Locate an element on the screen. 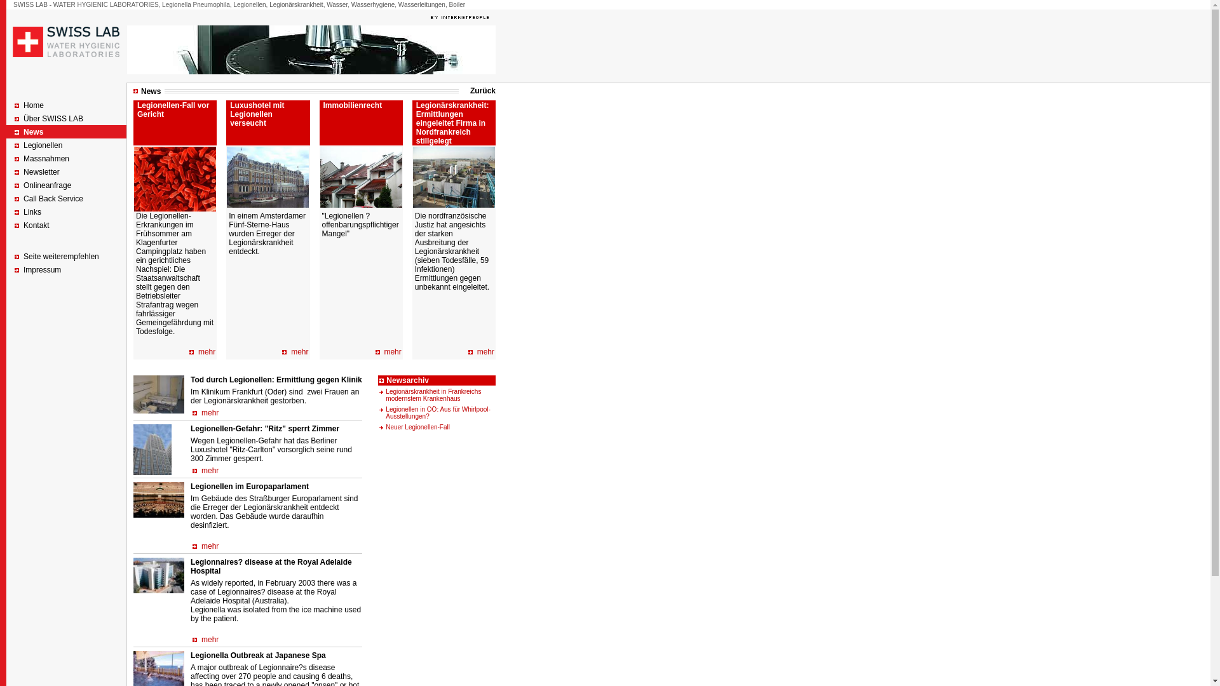 This screenshot has height=686, width=1220. 'Seite weiterempfehlen' is located at coordinates (60, 257).